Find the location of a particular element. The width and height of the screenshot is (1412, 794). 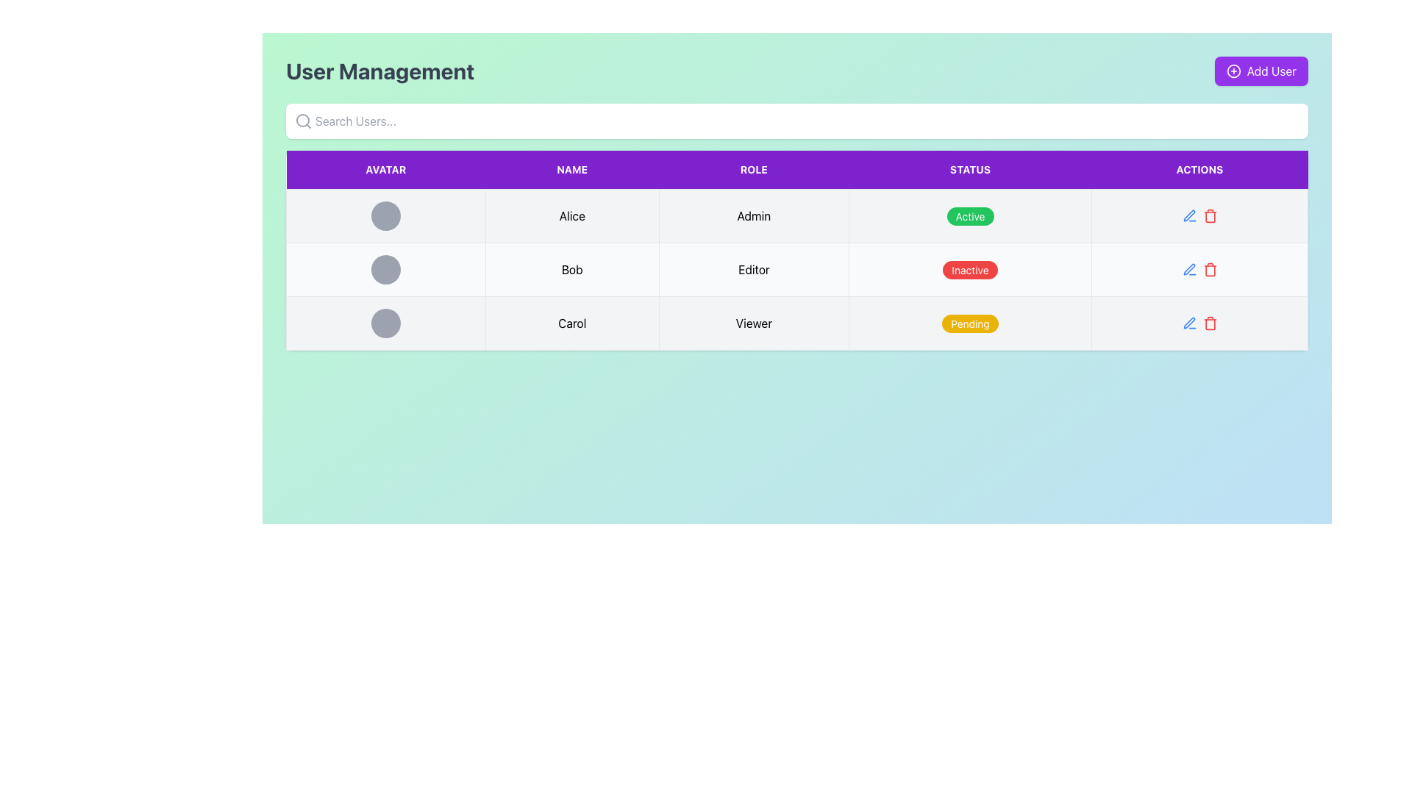

the text label with a red background that reads 'Inactive' in the 'STATUS' column of the second row in the table, associated with the 'Editor' role is located at coordinates (970, 270).